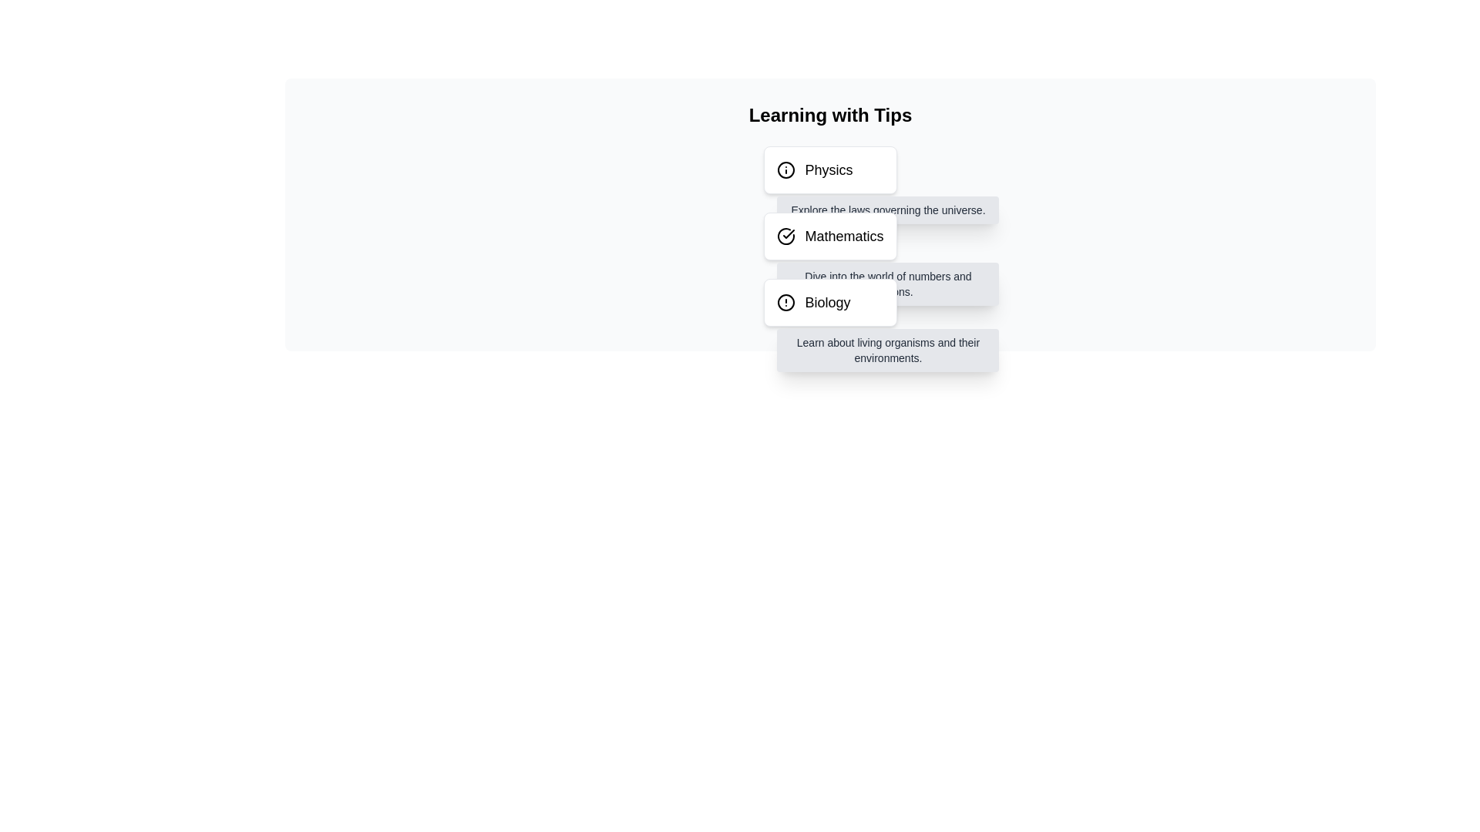 Image resolution: width=1480 pixels, height=832 pixels. I want to click on the 'Mathematics' text label located within the second card, to the right of the checkmark icon, so click(829, 237).